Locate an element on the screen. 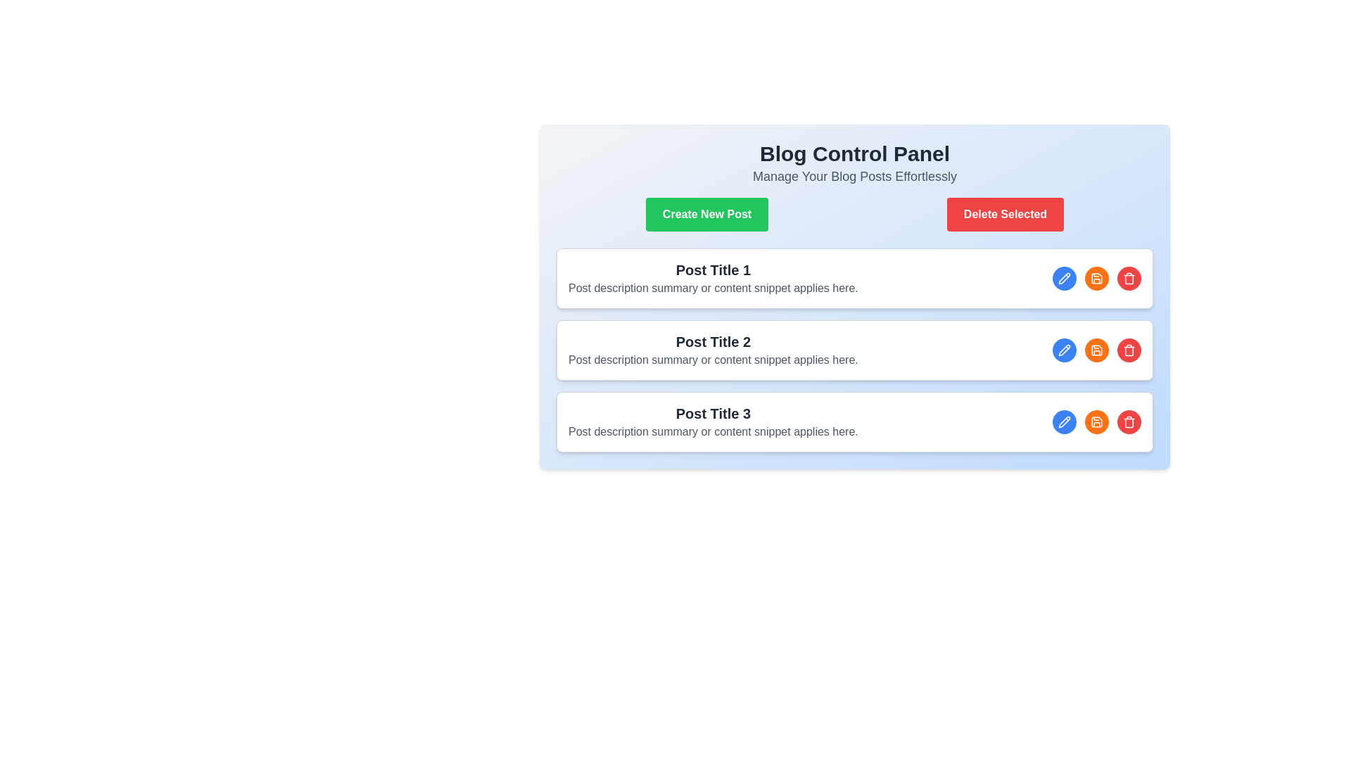 The width and height of the screenshot is (1351, 760). the text block containing 'Post description summary or content snippet applies here.' which is styled in gray and located below 'Post Title 1' within the first card of the 'Blog Control Panel' is located at coordinates (713, 287).